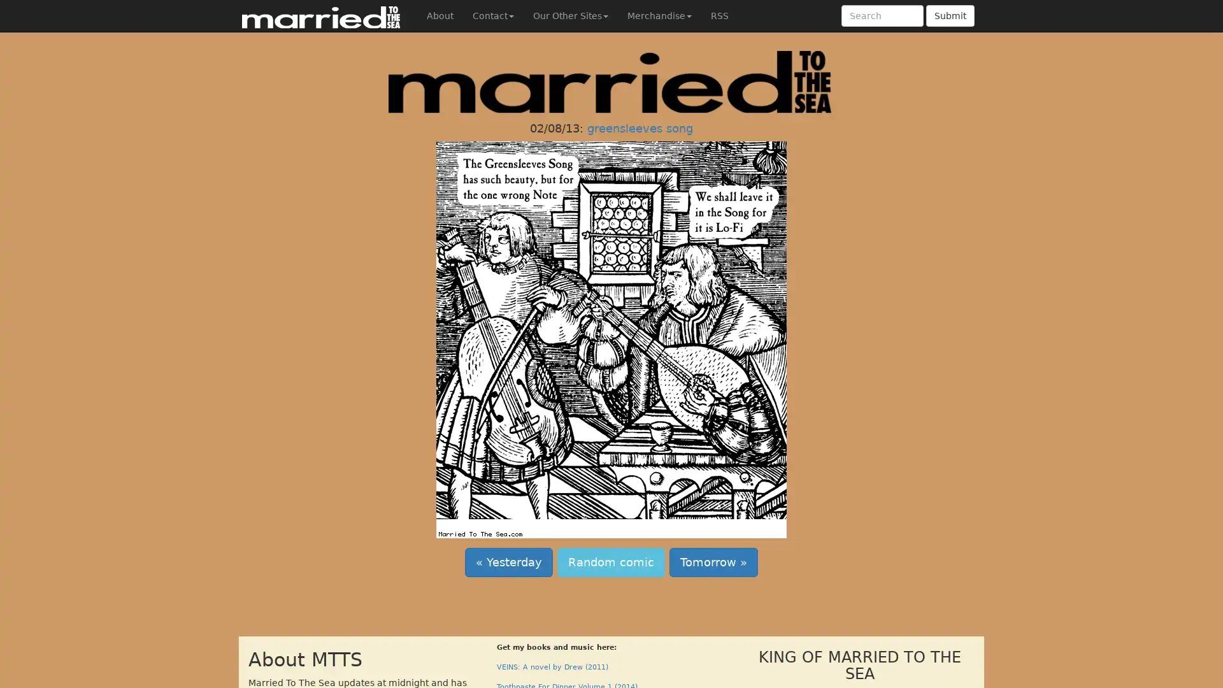 The image size is (1223, 688). I want to click on Yesterday, so click(508, 561).